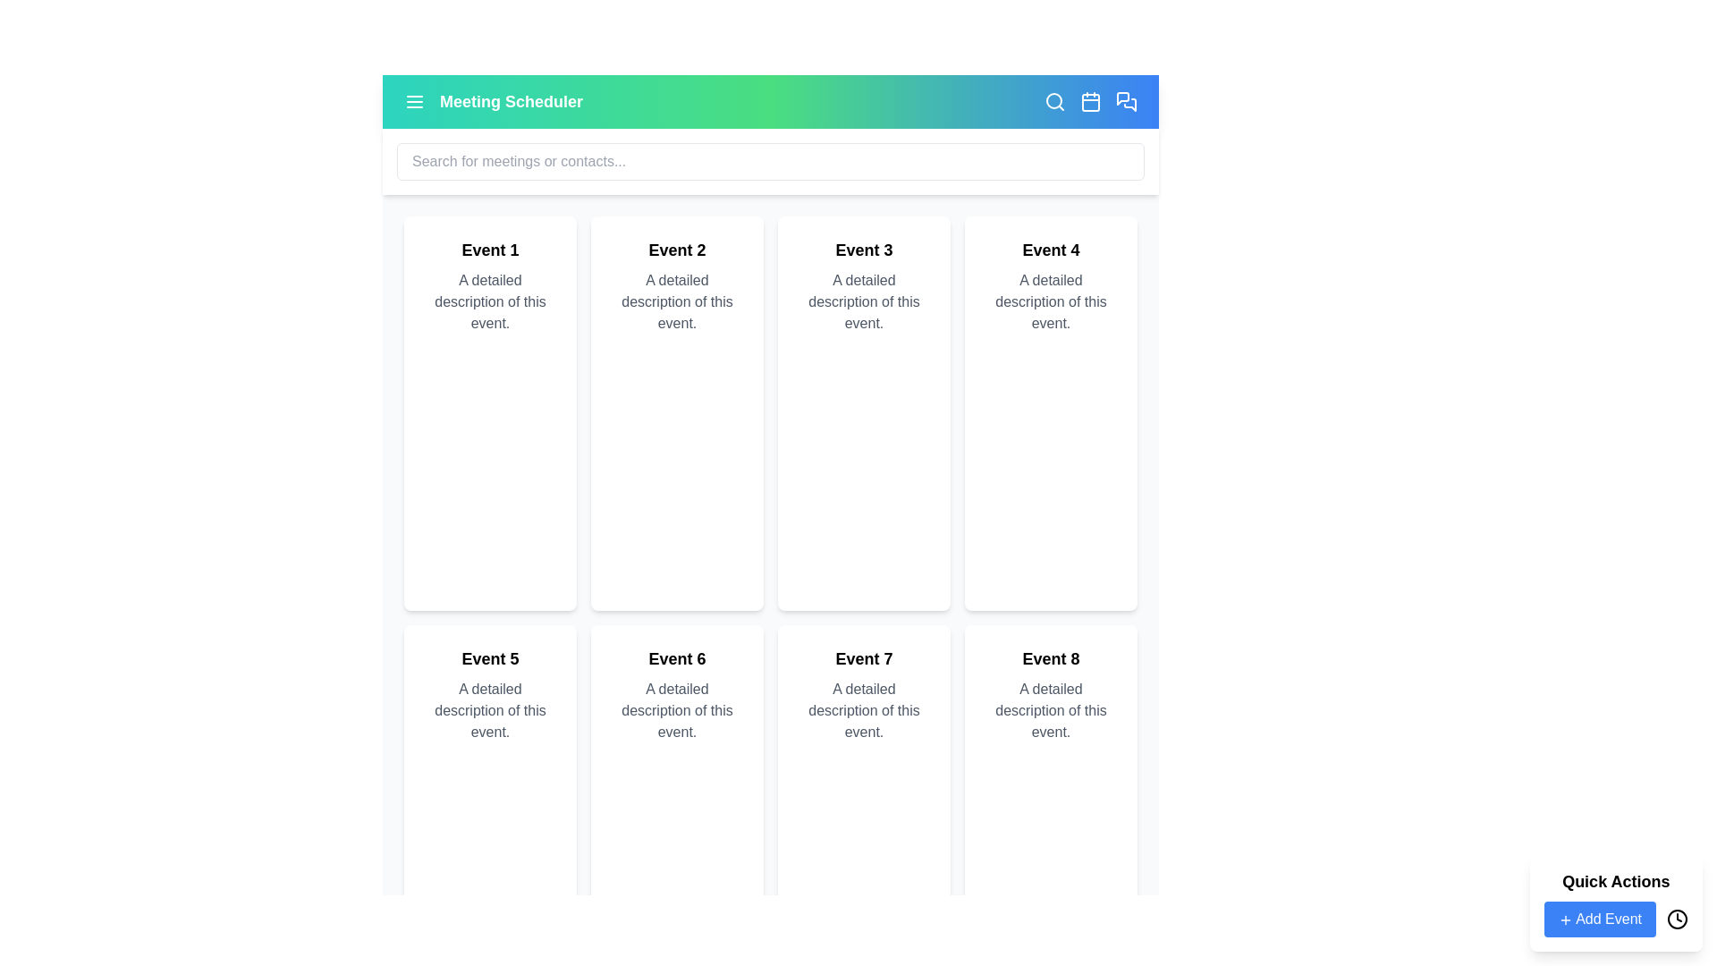 This screenshot has width=1717, height=966. Describe the element at coordinates (490, 709) in the screenshot. I see `text block that contains 'A detailed description of this event.' located below the 'Event 5' header in the card` at that location.